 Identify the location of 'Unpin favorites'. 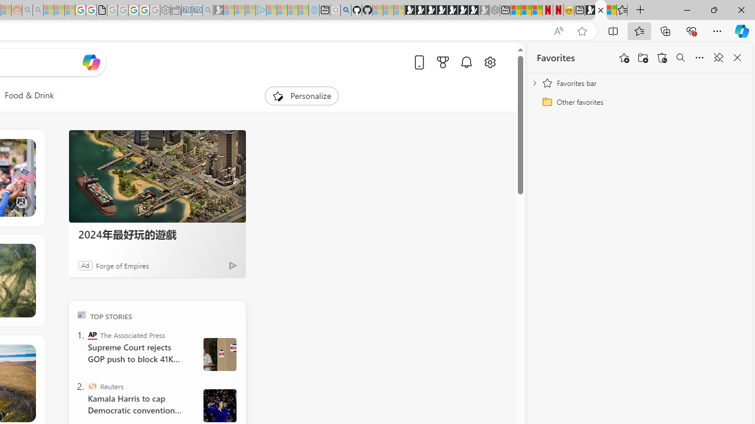
(717, 58).